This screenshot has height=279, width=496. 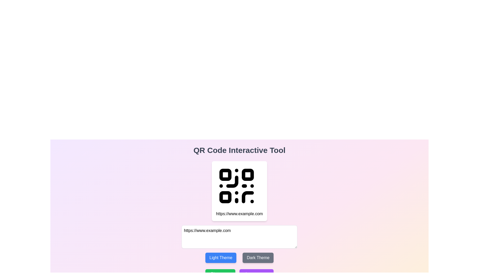 I want to click on the decorative graphical element located in the top-right of the QR code to utilize it for QR code scanning, so click(x=247, y=174).